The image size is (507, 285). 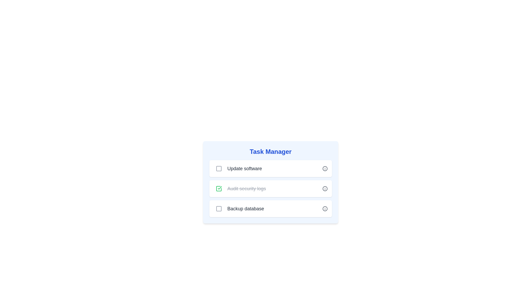 I want to click on the green checkmark icon located to the left of the 'Audit security logs' label in the 'Task Manager' section, so click(x=220, y=188).